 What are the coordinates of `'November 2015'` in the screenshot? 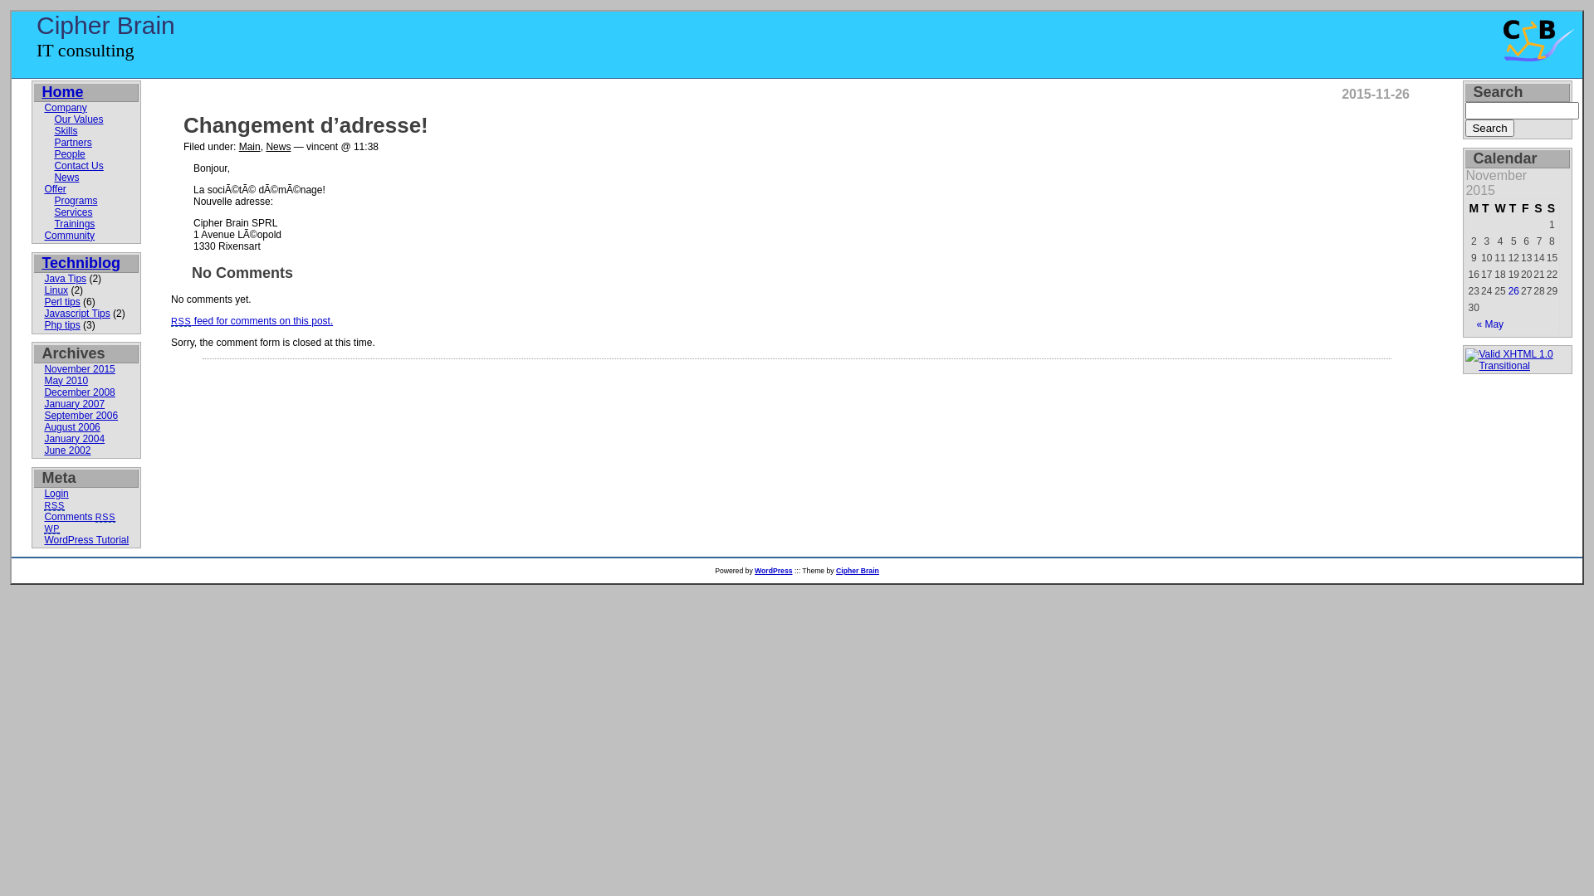 It's located at (43, 368).